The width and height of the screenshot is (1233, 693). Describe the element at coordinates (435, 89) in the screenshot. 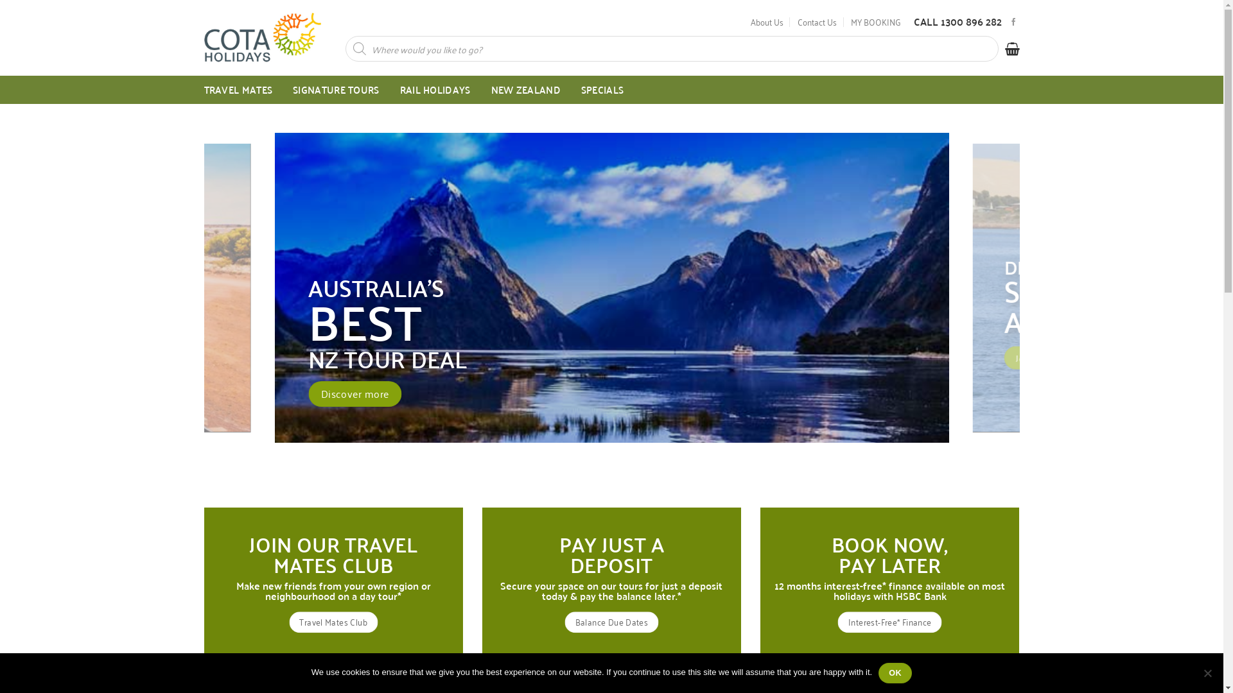

I see `'RAIL HOLIDAYS'` at that location.